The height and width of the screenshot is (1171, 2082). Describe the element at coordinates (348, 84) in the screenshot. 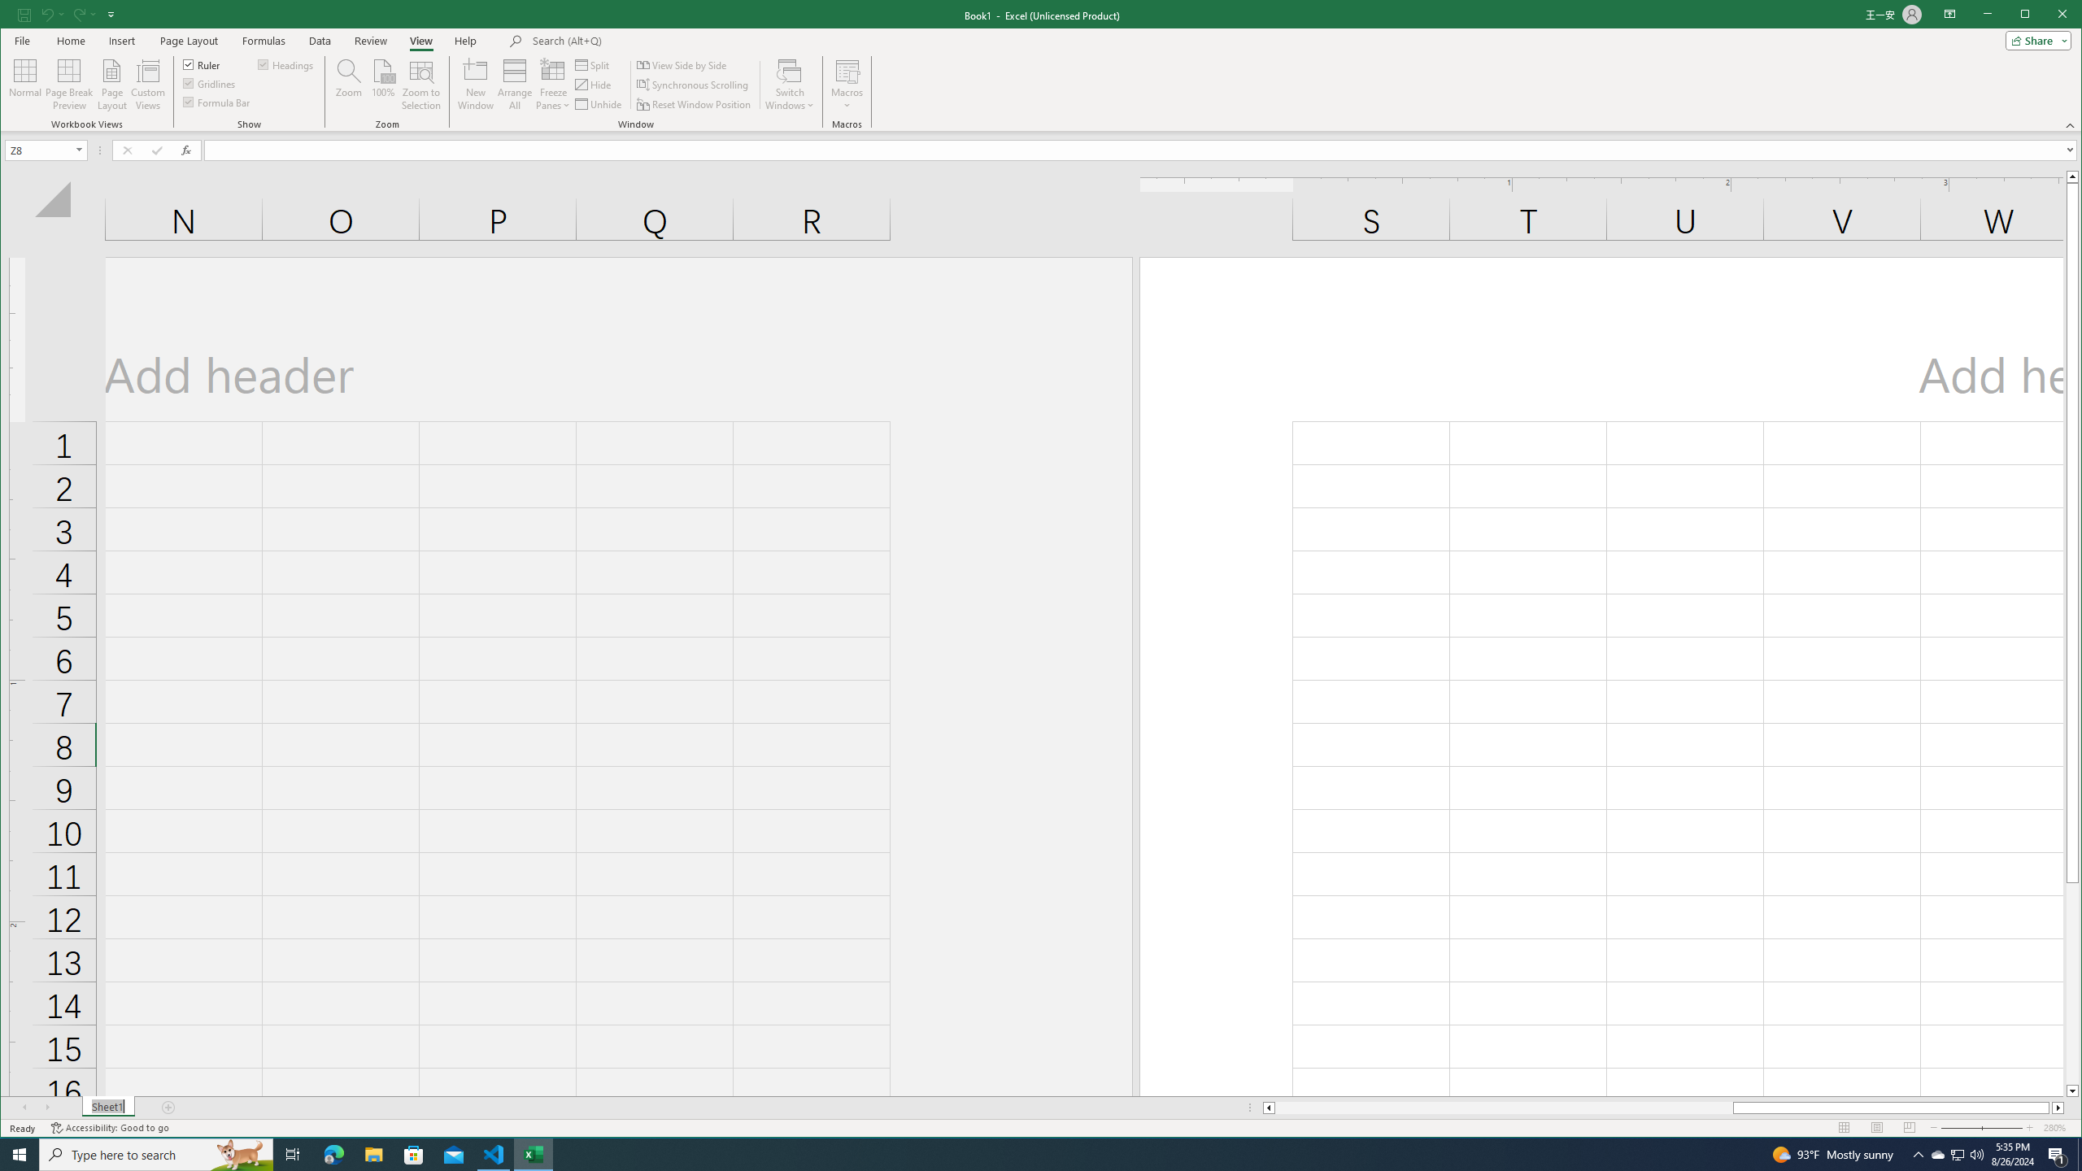

I see `'Zoom...'` at that location.